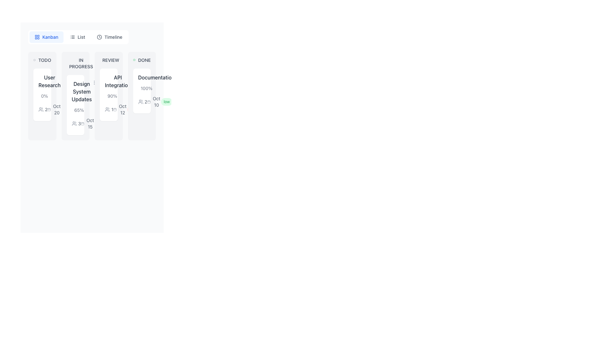 This screenshot has width=616, height=346. Describe the element at coordinates (141, 77) in the screenshot. I see `the 'Documentation' textual label at the top of the card in the 'DONE' column of the Kanban board` at that location.